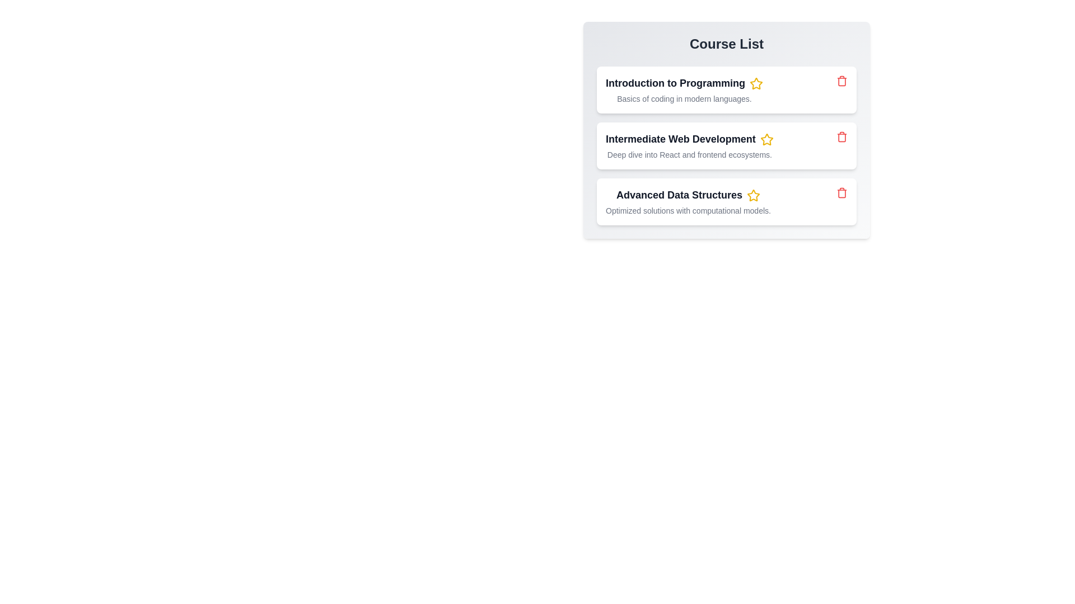 The image size is (1075, 604). What do you see at coordinates (842, 136) in the screenshot?
I see `the trash icon of the item to remove it from the list. Specify the item name as Intermediate Web Development` at bounding box center [842, 136].